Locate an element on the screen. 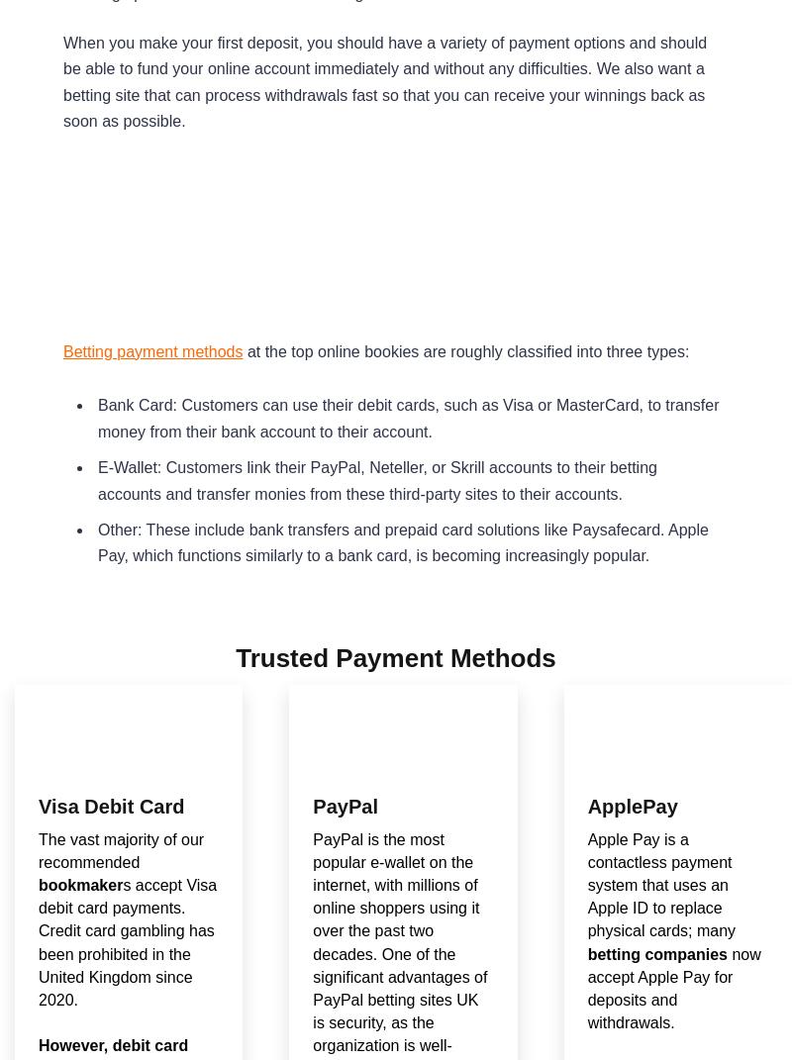 This screenshot has width=792, height=1060. 'Apple Pay is a contactless payment system that uses an Apple ID to replace physical cards; many' is located at coordinates (661, 884).